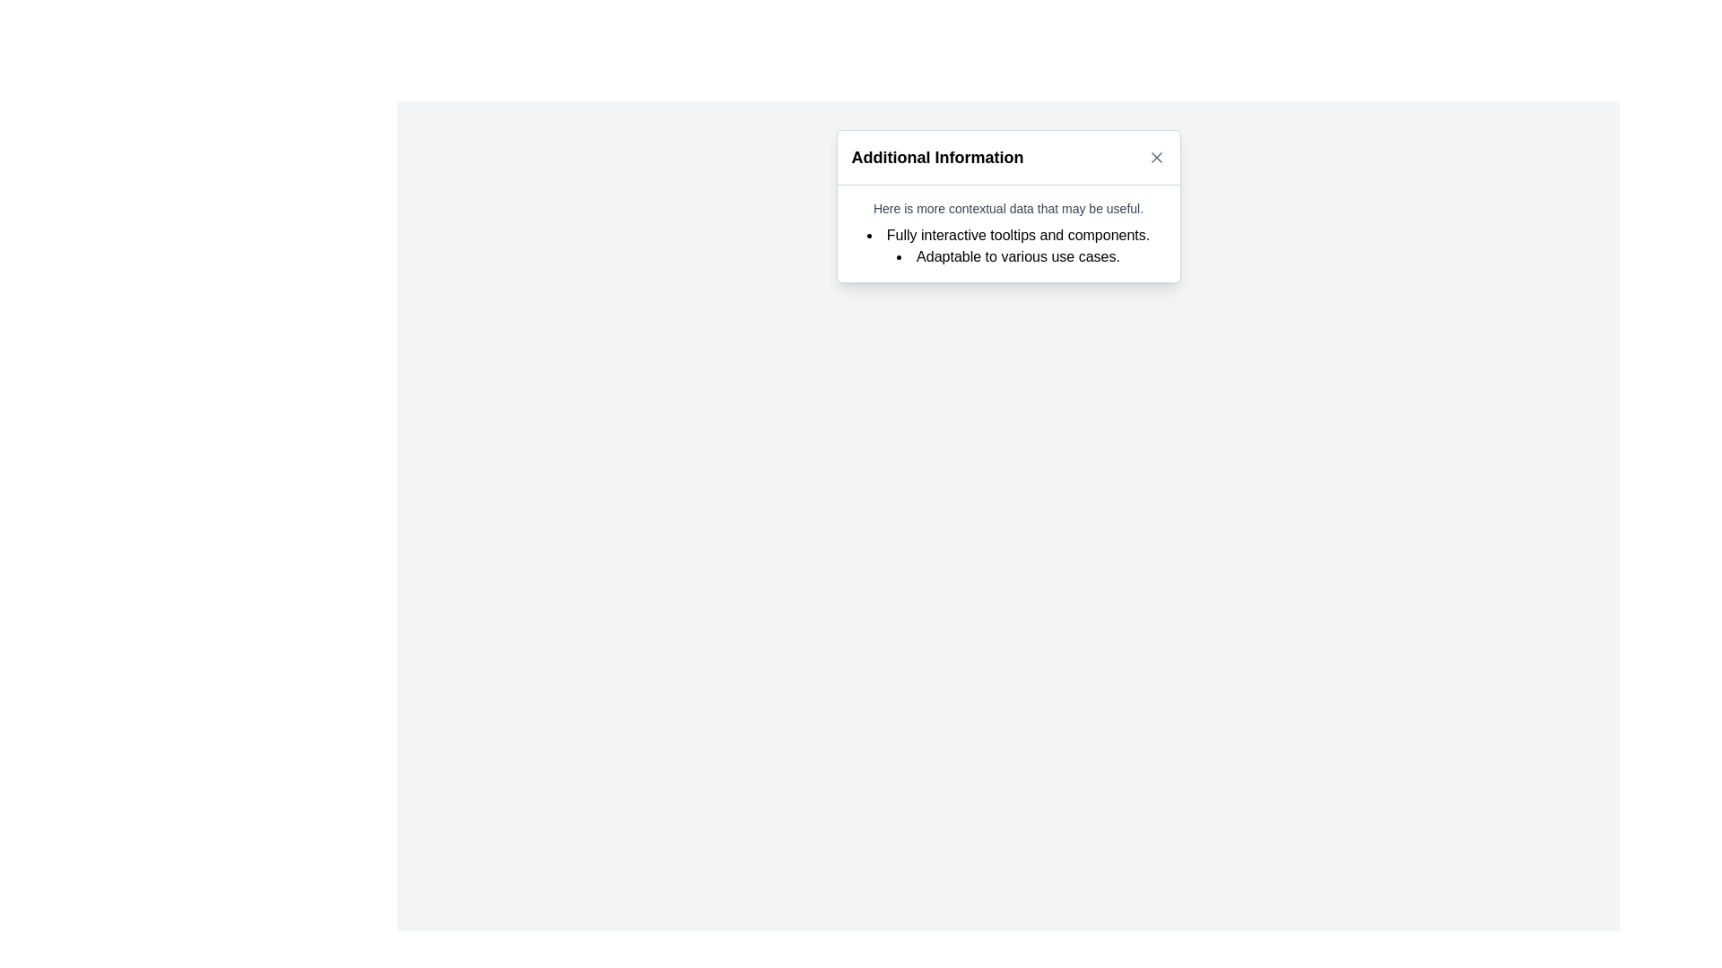 The height and width of the screenshot is (968, 1722). Describe the element at coordinates (1008, 207) in the screenshot. I see `the informational text element that provides context for the additional bullet points, located below the 'Additional Information' heading and above the bullet point list` at that location.